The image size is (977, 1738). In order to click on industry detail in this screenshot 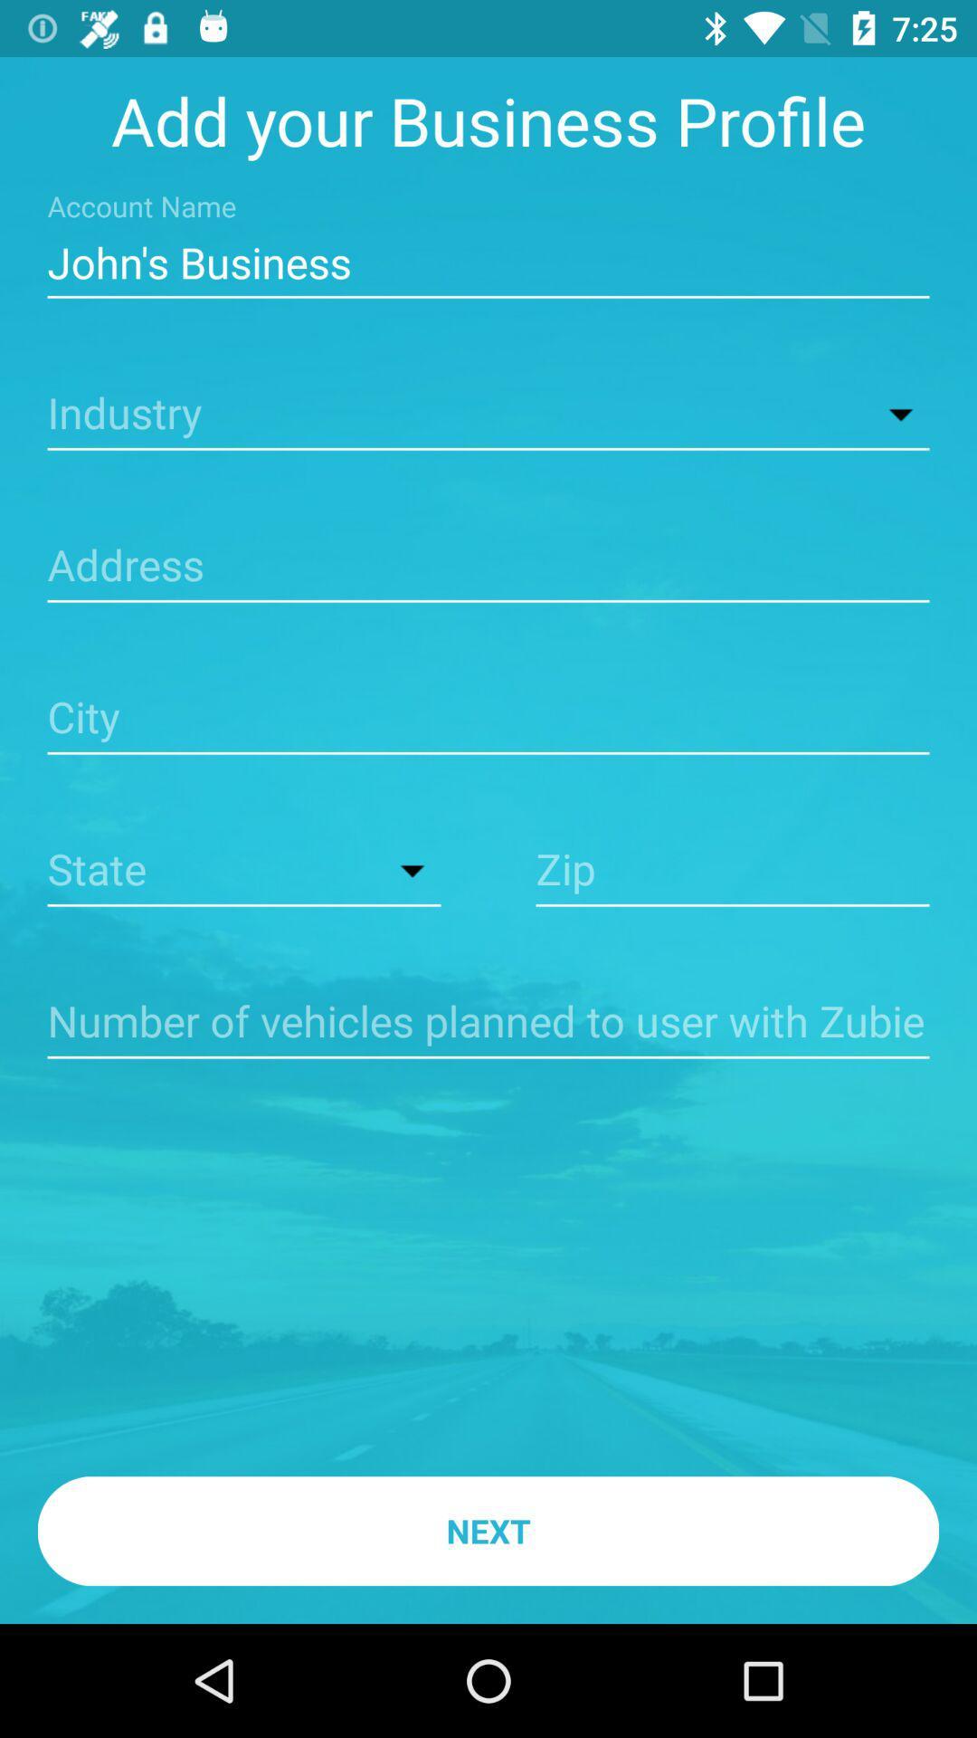, I will do `click(488, 415)`.